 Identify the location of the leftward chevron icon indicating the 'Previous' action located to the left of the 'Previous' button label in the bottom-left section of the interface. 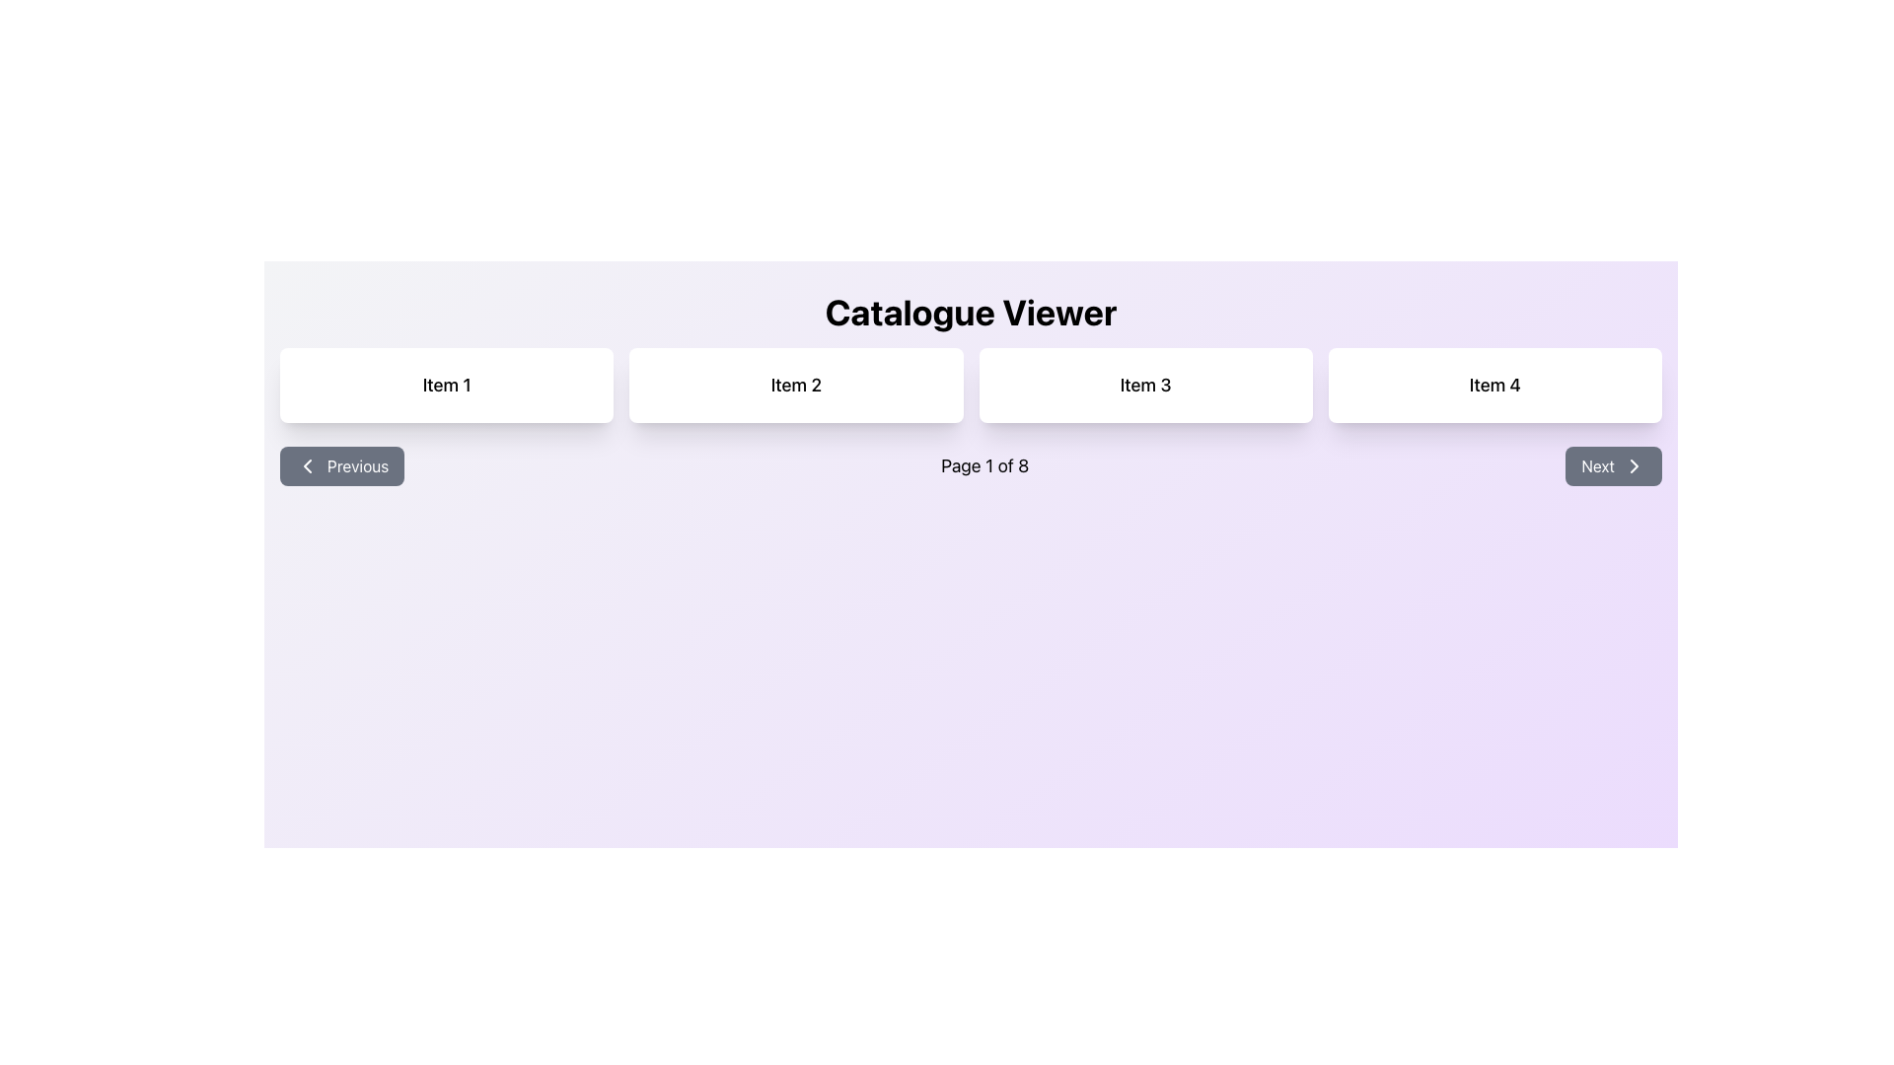
(307, 466).